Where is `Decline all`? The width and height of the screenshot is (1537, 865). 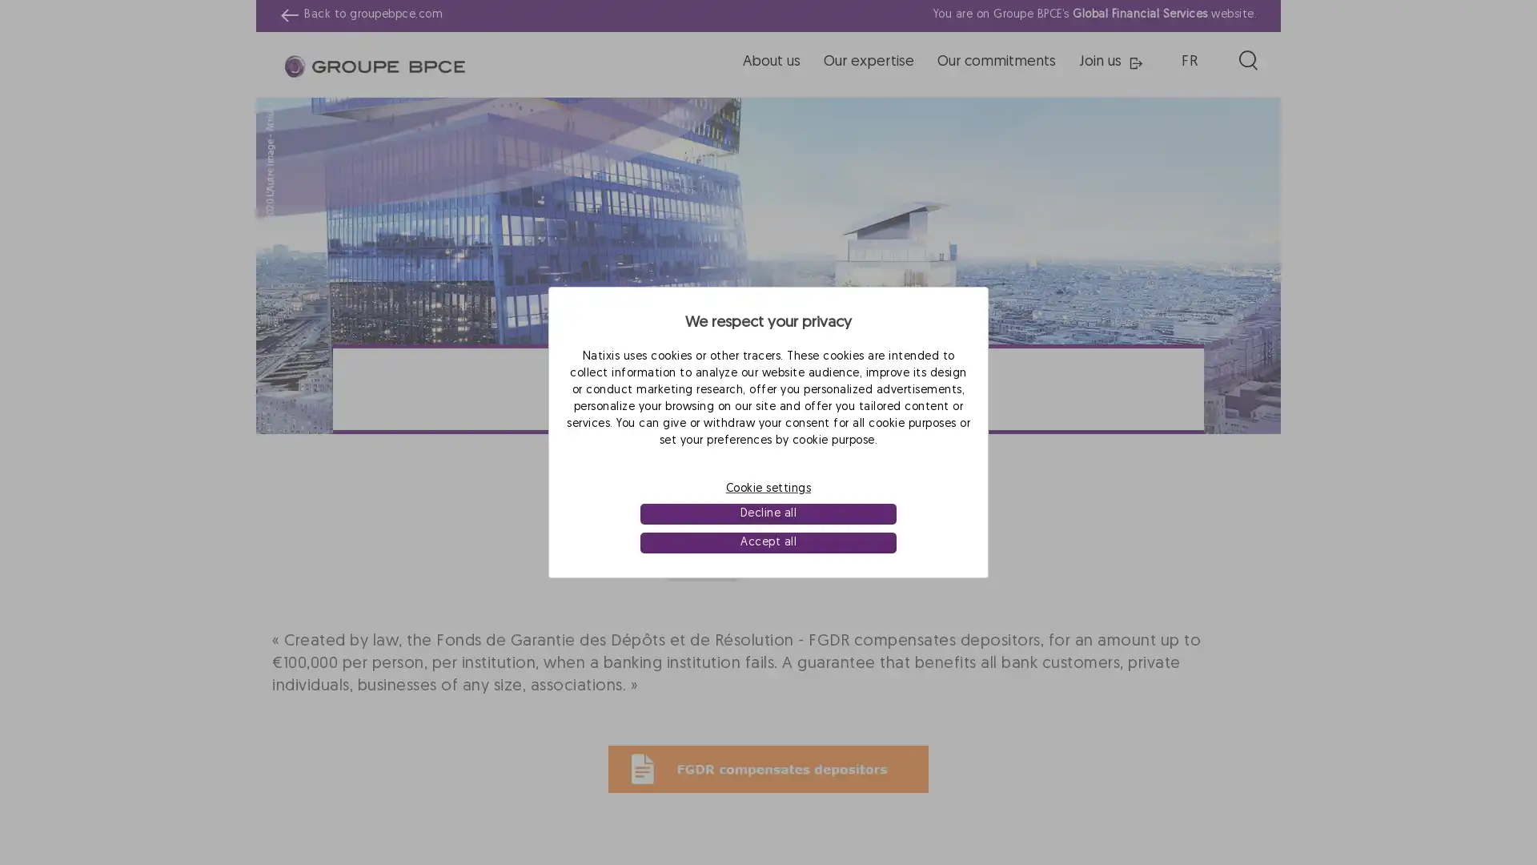
Decline all is located at coordinates (767, 513).